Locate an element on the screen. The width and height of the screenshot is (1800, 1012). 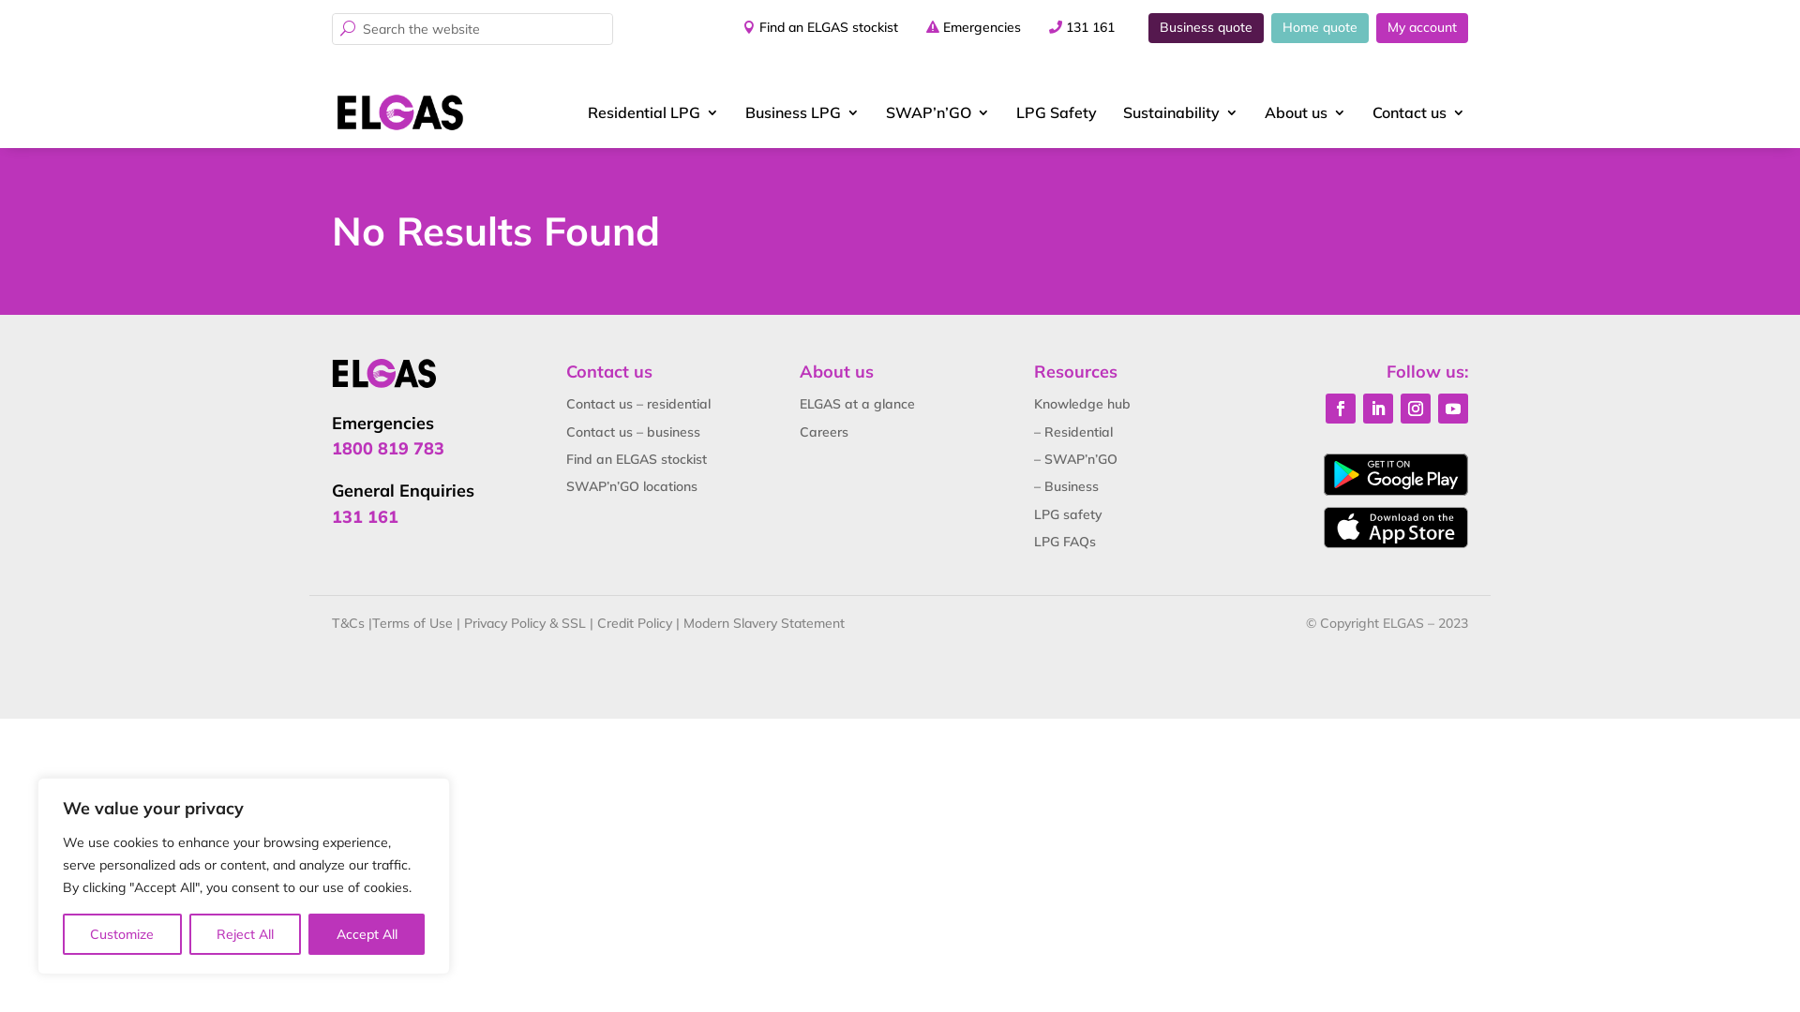
'ELGAS at a glance' is located at coordinates (856, 403).